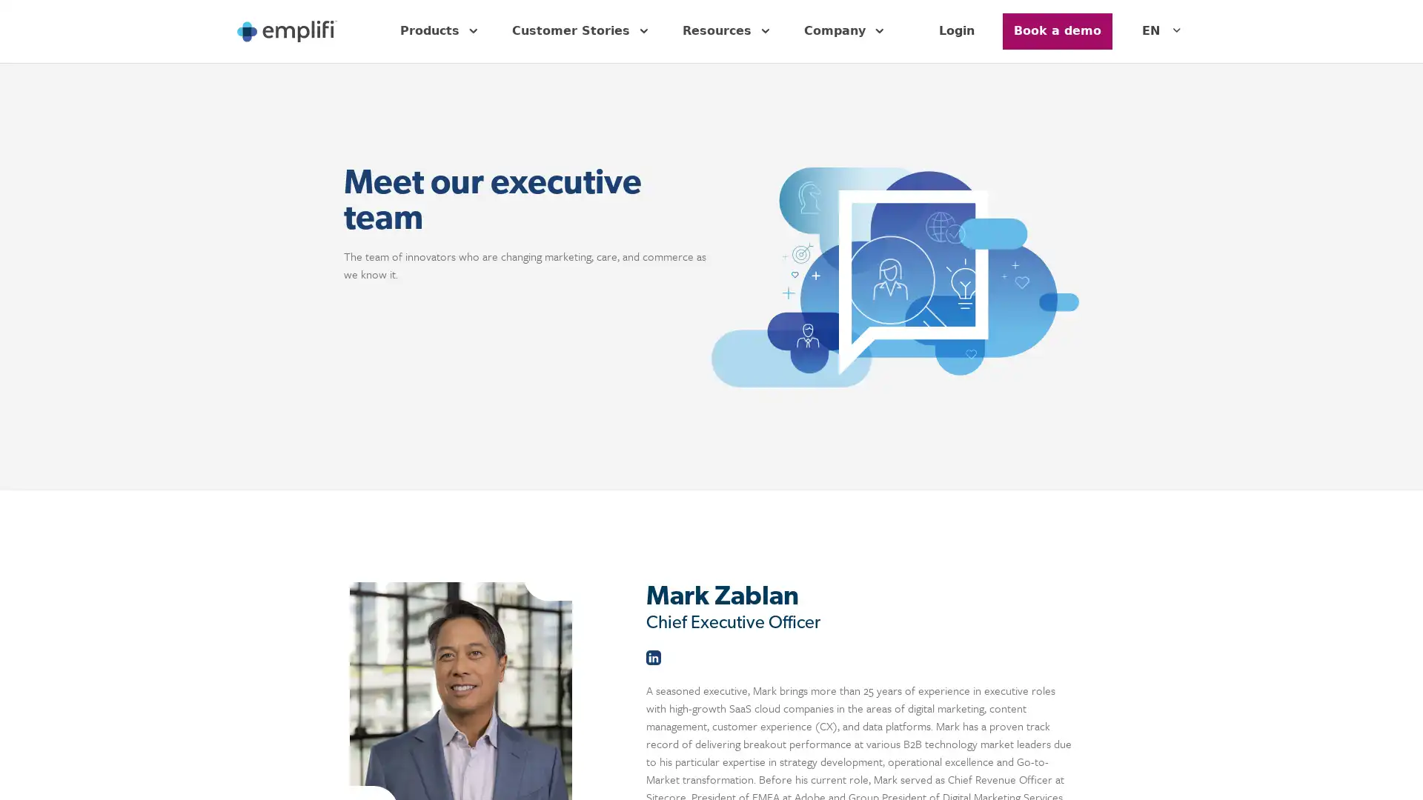 The image size is (1423, 800). I want to click on Products, so click(440, 31).